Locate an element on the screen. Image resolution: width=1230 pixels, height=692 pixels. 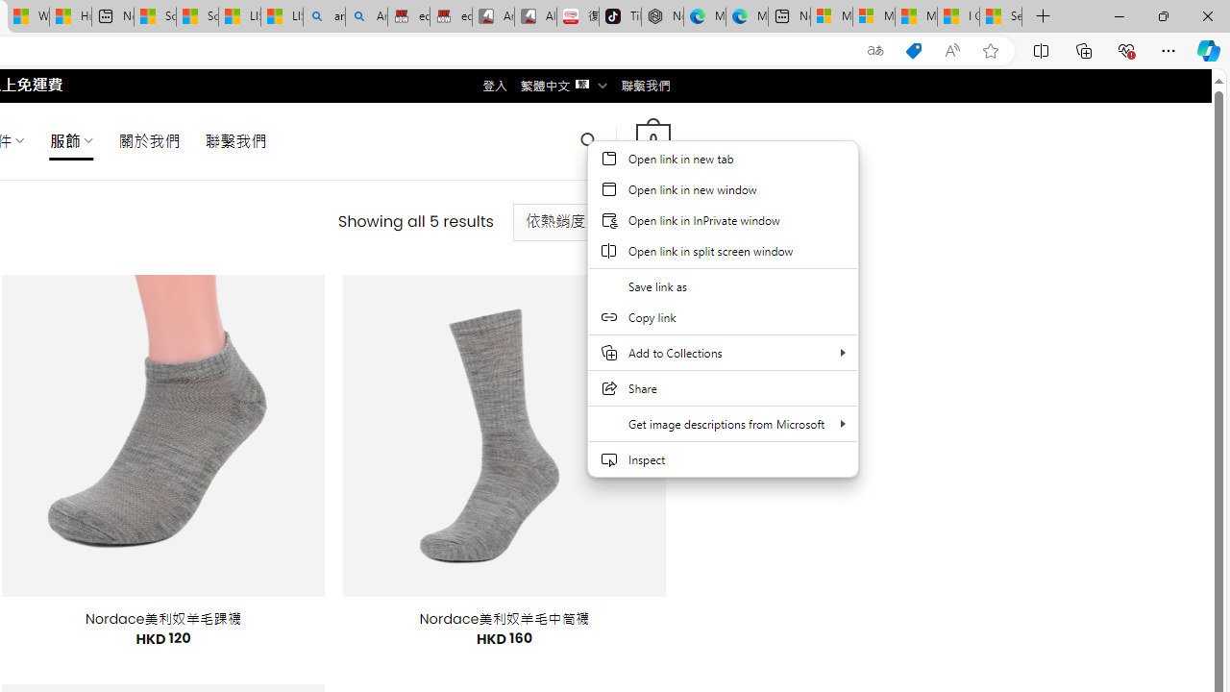
'Share' is located at coordinates (722, 387).